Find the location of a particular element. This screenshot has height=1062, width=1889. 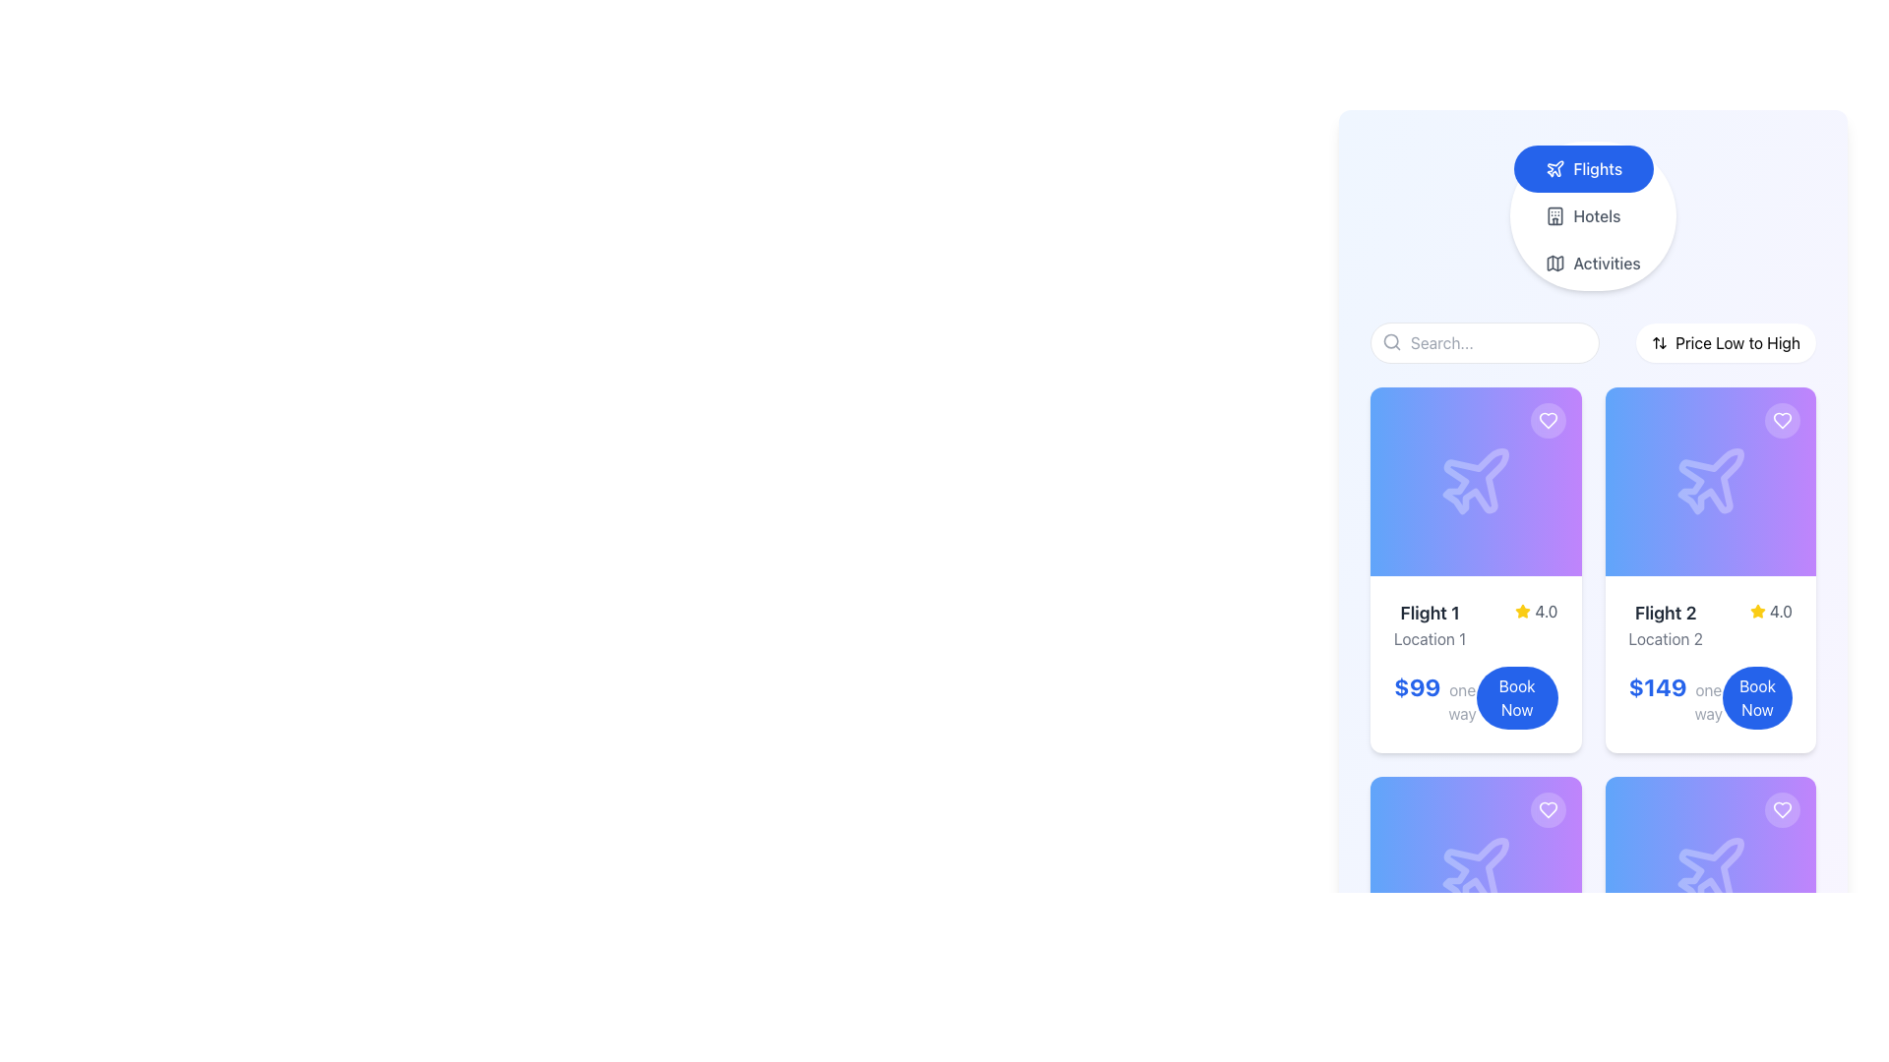

the prominent airplane icon located centrally within the second card from the top in a vertical list, which features a gradient background of purple and blue is located at coordinates (1709, 481).